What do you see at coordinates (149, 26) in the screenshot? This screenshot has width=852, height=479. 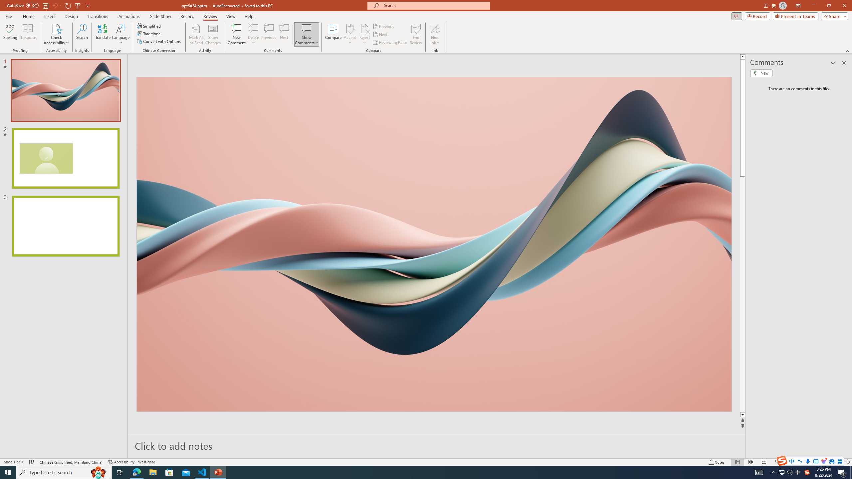 I see `'Simplified'` at bounding box center [149, 26].